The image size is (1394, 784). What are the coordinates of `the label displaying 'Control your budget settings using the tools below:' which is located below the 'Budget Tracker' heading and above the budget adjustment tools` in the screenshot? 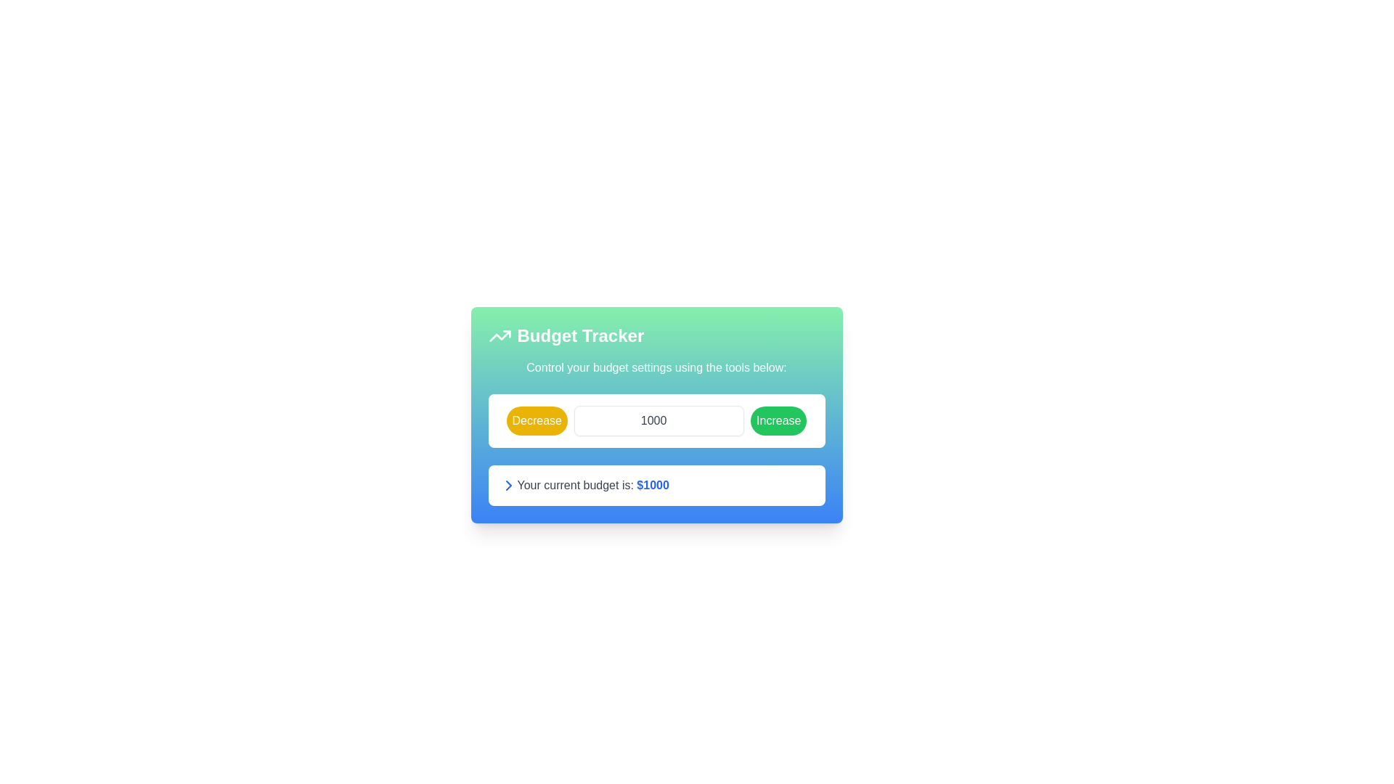 It's located at (656, 367).